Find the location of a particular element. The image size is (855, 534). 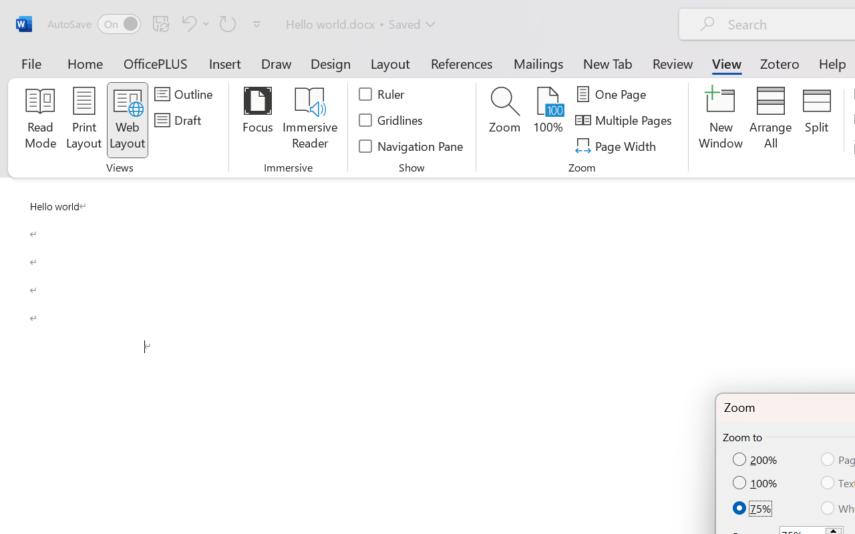

'Print Layout' is located at coordinates (83, 119).